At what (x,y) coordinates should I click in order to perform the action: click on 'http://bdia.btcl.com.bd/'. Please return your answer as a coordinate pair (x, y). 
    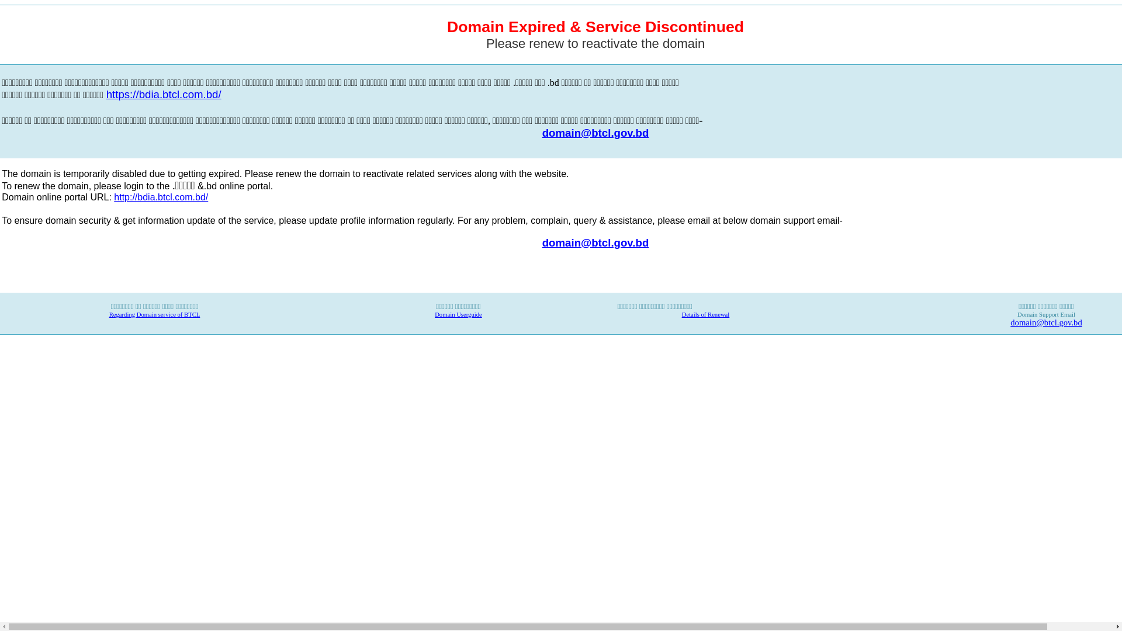
    Looking at the image, I should click on (160, 197).